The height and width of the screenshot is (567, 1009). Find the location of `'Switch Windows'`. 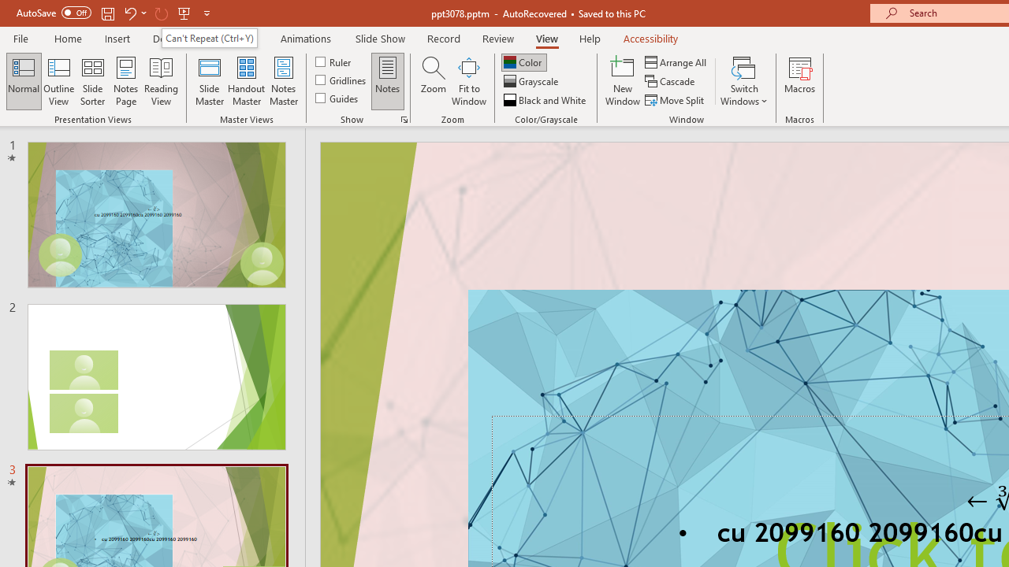

'Switch Windows' is located at coordinates (743, 81).